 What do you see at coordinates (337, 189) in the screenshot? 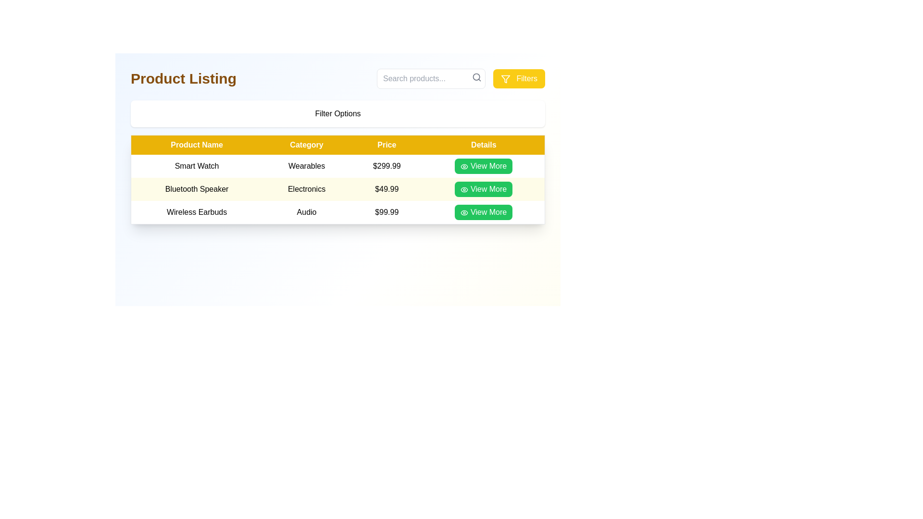
I see `the product entry for 'Bluetooth Speaker' in the product listing table by clicking on the 'View More' button located in the second row of the table` at bounding box center [337, 189].